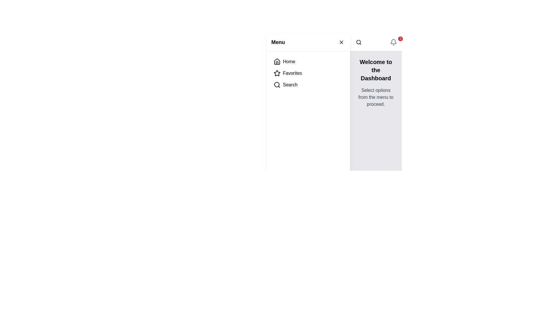 The image size is (556, 313). I want to click on the black house-shaped icon located in the navigation sidebar at the top left corner of the interface, so click(277, 61).